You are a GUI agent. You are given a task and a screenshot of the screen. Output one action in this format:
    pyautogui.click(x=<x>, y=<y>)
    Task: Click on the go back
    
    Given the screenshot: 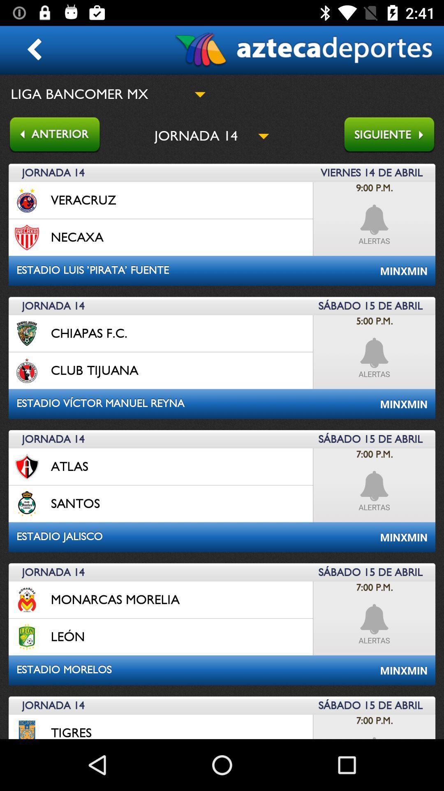 What is the action you would take?
    pyautogui.click(x=50, y=136)
    